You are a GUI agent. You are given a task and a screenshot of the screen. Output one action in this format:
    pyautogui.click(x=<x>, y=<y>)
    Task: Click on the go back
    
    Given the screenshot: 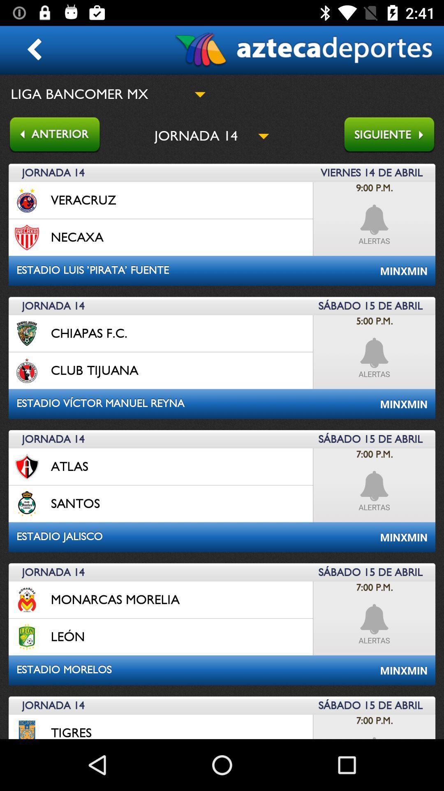 What is the action you would take?
    pyautogui.click(x=50, y=136)
    